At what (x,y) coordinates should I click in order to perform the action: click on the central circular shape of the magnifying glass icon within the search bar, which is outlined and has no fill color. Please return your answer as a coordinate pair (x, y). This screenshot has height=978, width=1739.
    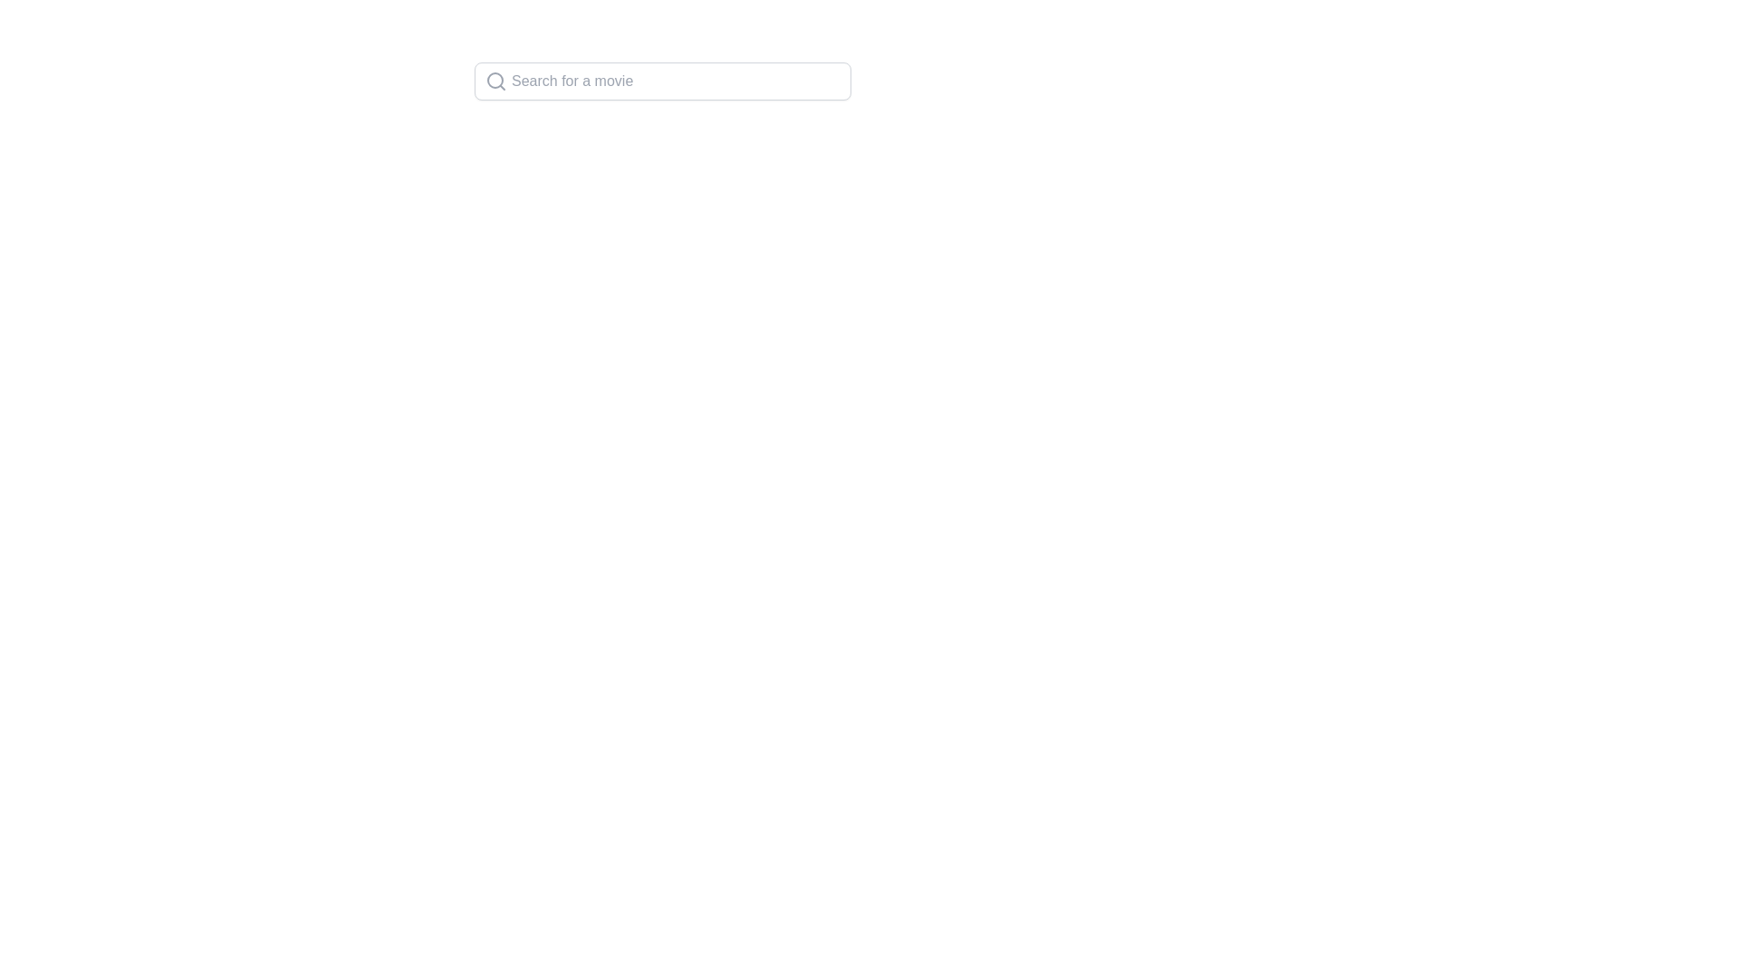
    Looking at the image, I should click on (495, 79).